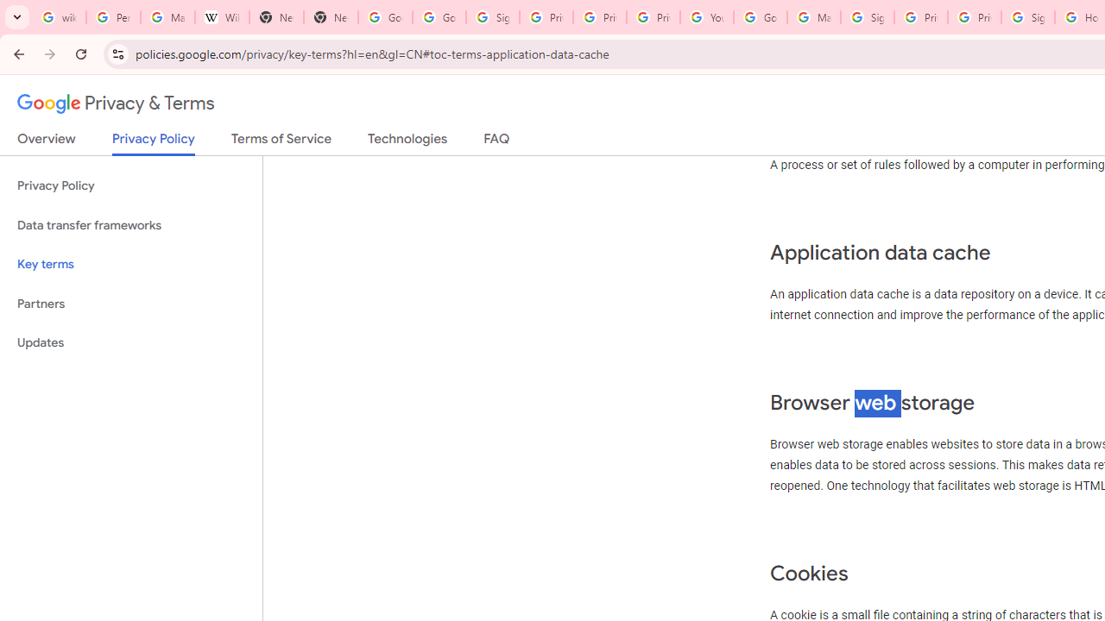  Describe the element at coordinates (1028, 17) in the screenshot. I see `'Sign in - Google Accounts'` at that location.